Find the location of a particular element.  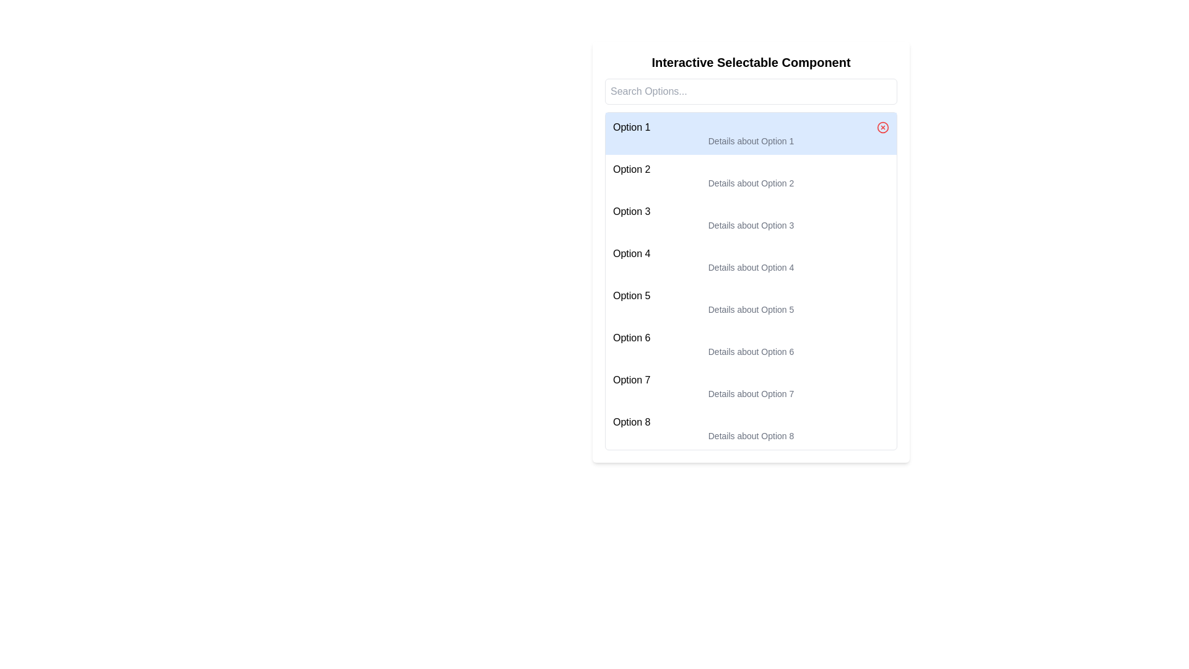

to select the sixth option in the vertical list of selectable options, located in the middle right portion of the interface is located at coordinates (751, 344).